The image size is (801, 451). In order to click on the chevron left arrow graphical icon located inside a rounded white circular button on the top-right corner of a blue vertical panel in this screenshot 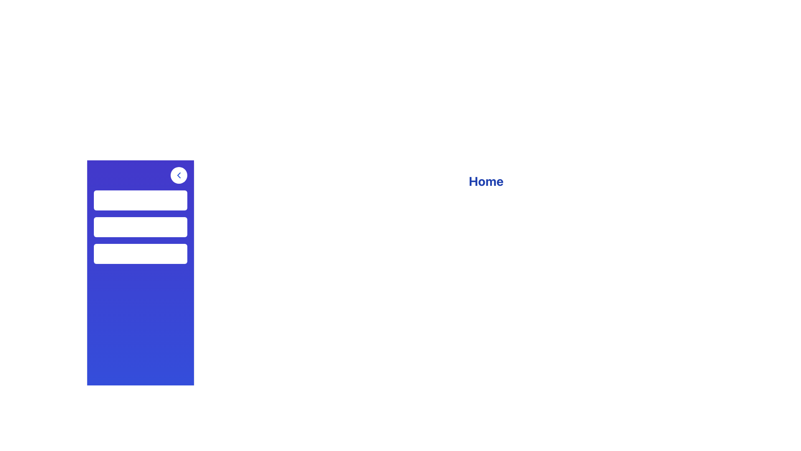, I will do `click(178, 175)`.